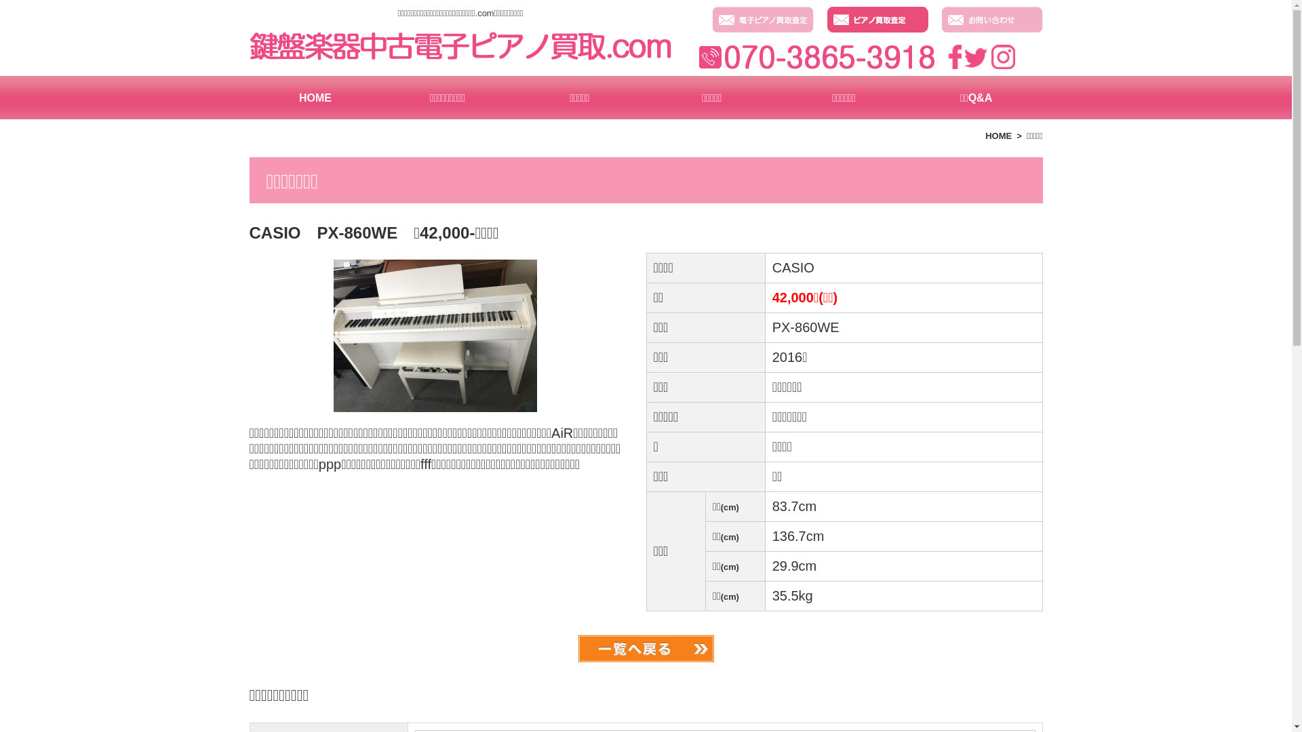 This screenshot has width=1302, height=732. I want to click on 'HOME', so click(985, 136).